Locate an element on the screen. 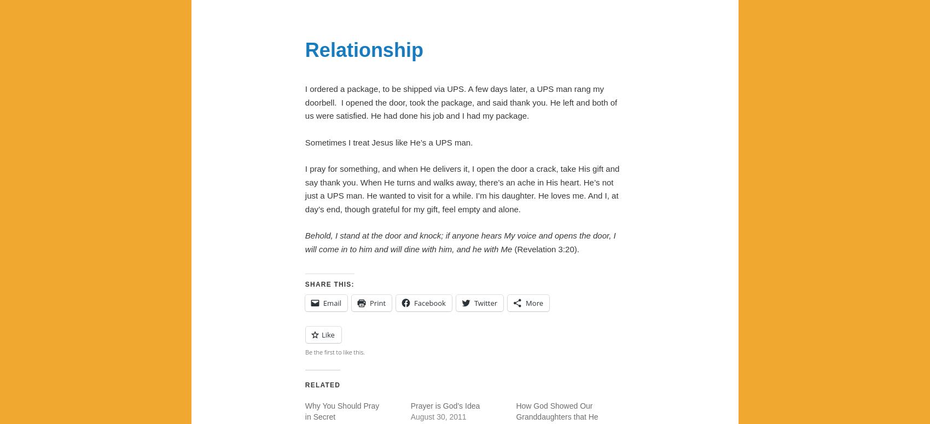 Image resolution: width=930 pixels, height=424 pixels. 'Email' is located at coordinates (332, 303).